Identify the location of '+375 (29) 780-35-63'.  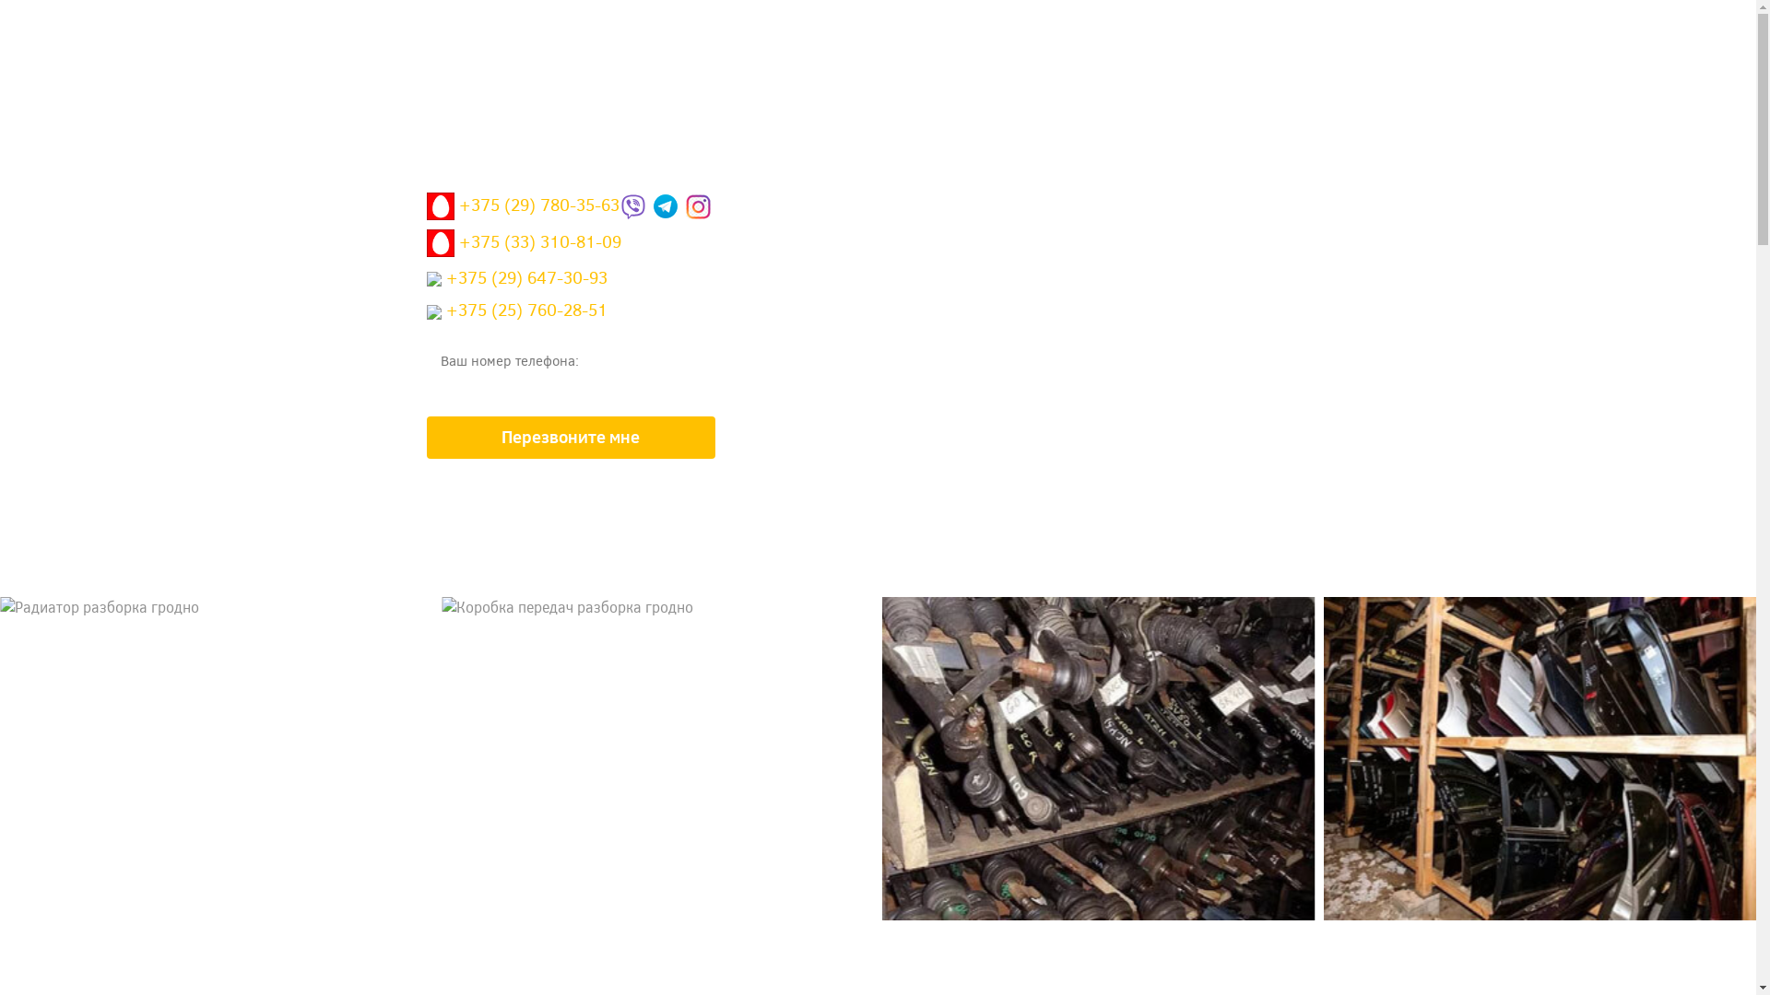
(521, 209).